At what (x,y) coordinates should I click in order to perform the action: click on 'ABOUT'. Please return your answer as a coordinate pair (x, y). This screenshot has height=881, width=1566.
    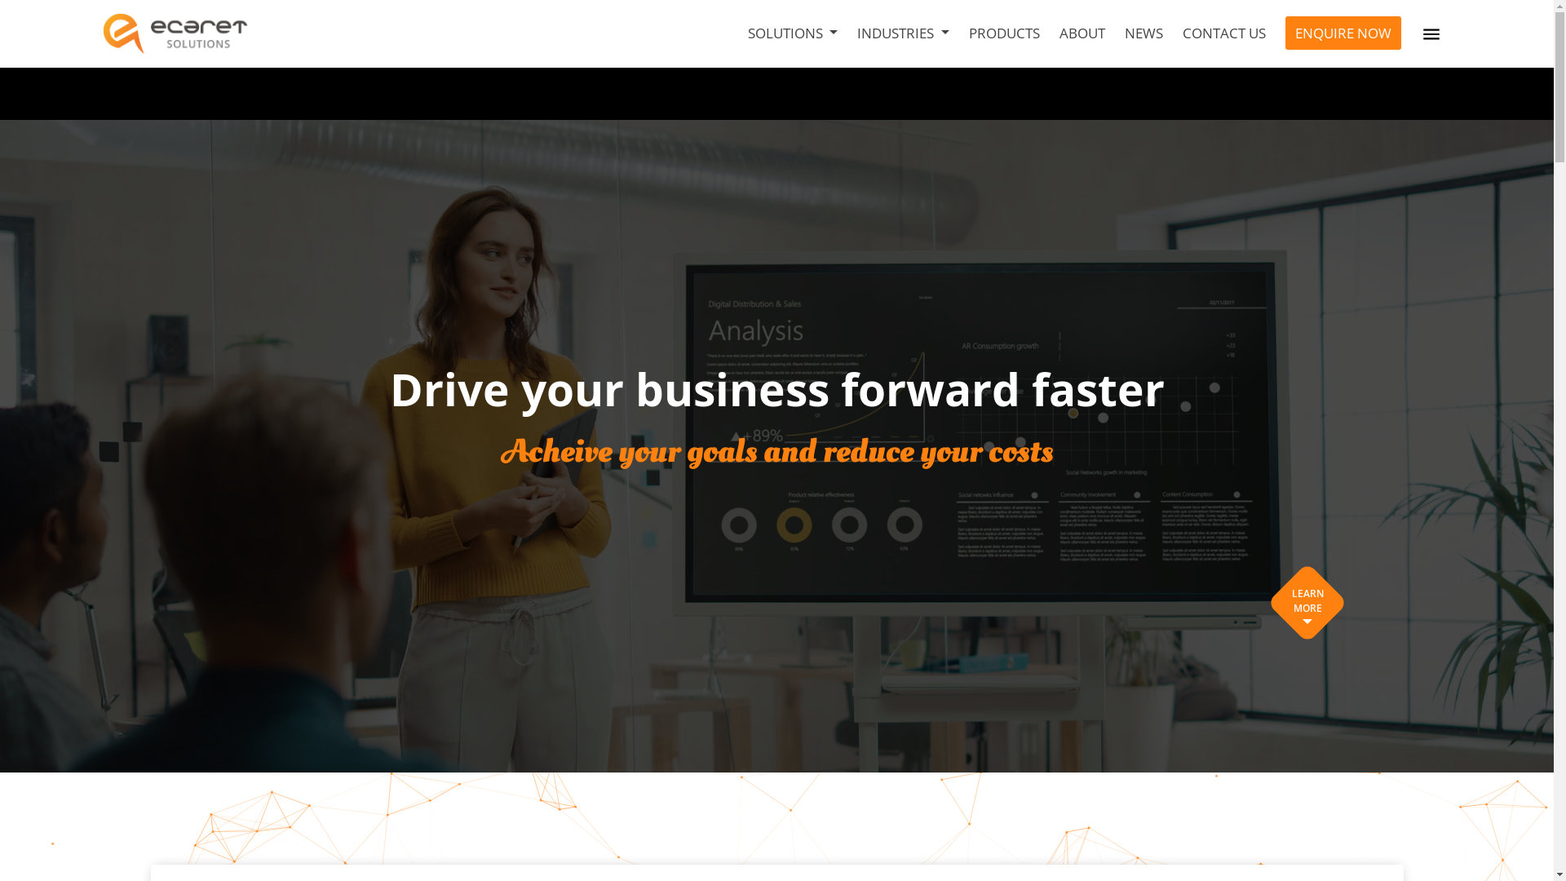
    Looking at the image, I should click on (1082, 33).